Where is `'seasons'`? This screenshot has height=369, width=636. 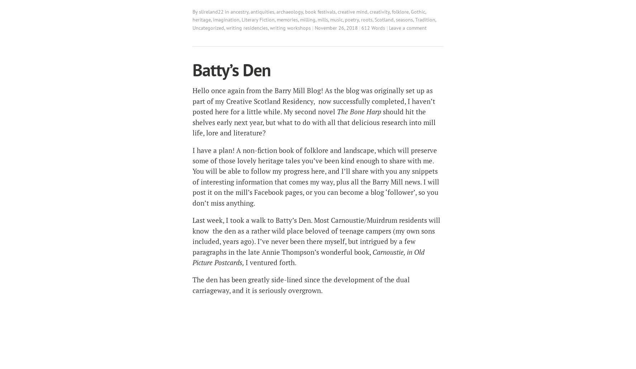 'seasons' is located at coordinates (404, 20).